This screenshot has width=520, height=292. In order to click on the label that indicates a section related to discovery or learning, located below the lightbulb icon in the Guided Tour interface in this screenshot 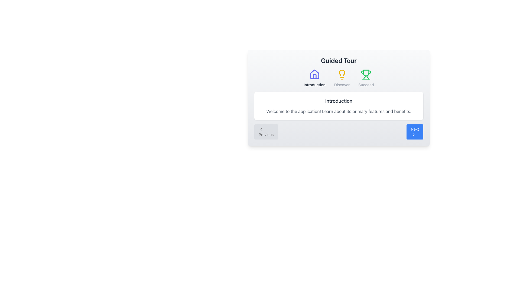, I will do `click(342, 85)`.